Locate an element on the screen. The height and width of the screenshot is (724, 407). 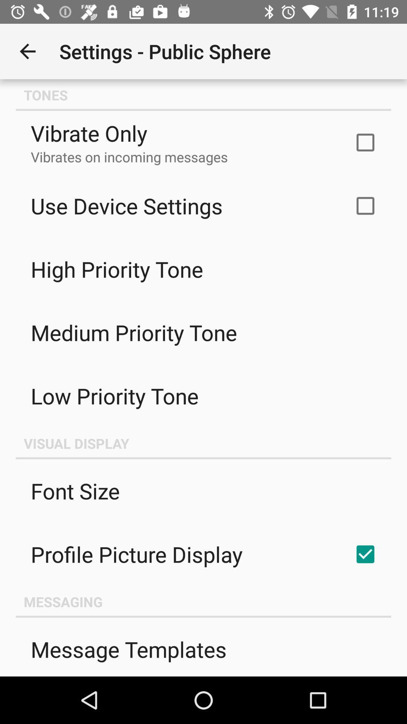
the item above the font size icon is located at coordinates (203, 443).